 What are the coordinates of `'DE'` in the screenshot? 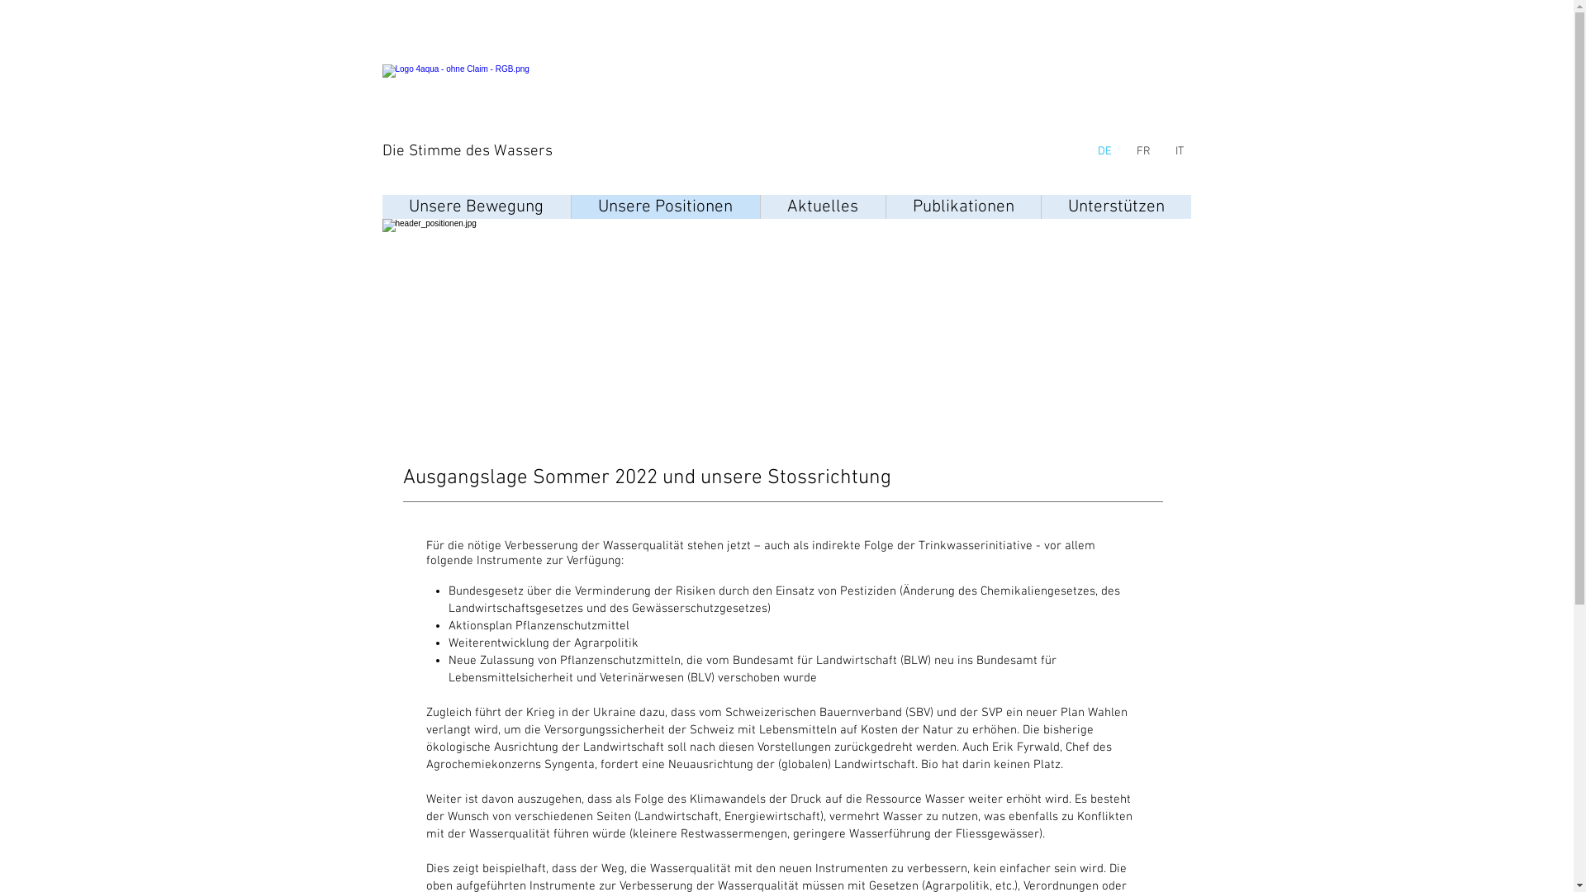 It's located at (1104, 152).